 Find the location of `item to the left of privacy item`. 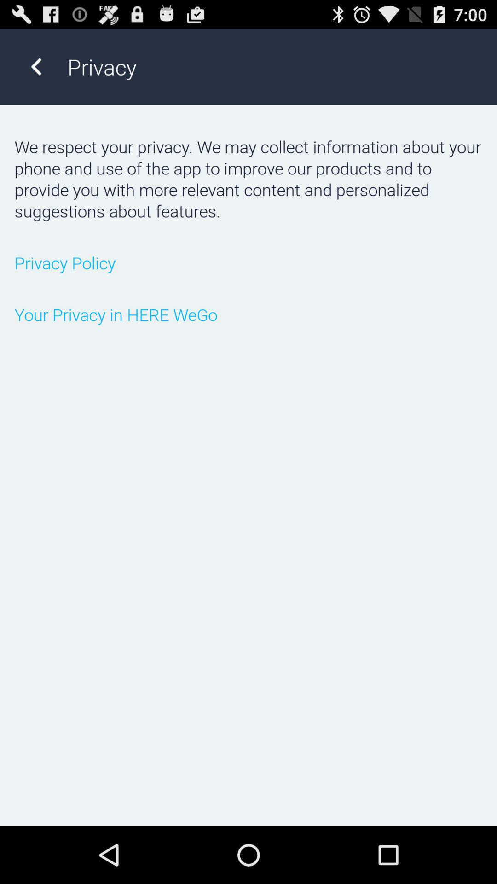

item to the left of privacy item is located at coordinates (35, 66).